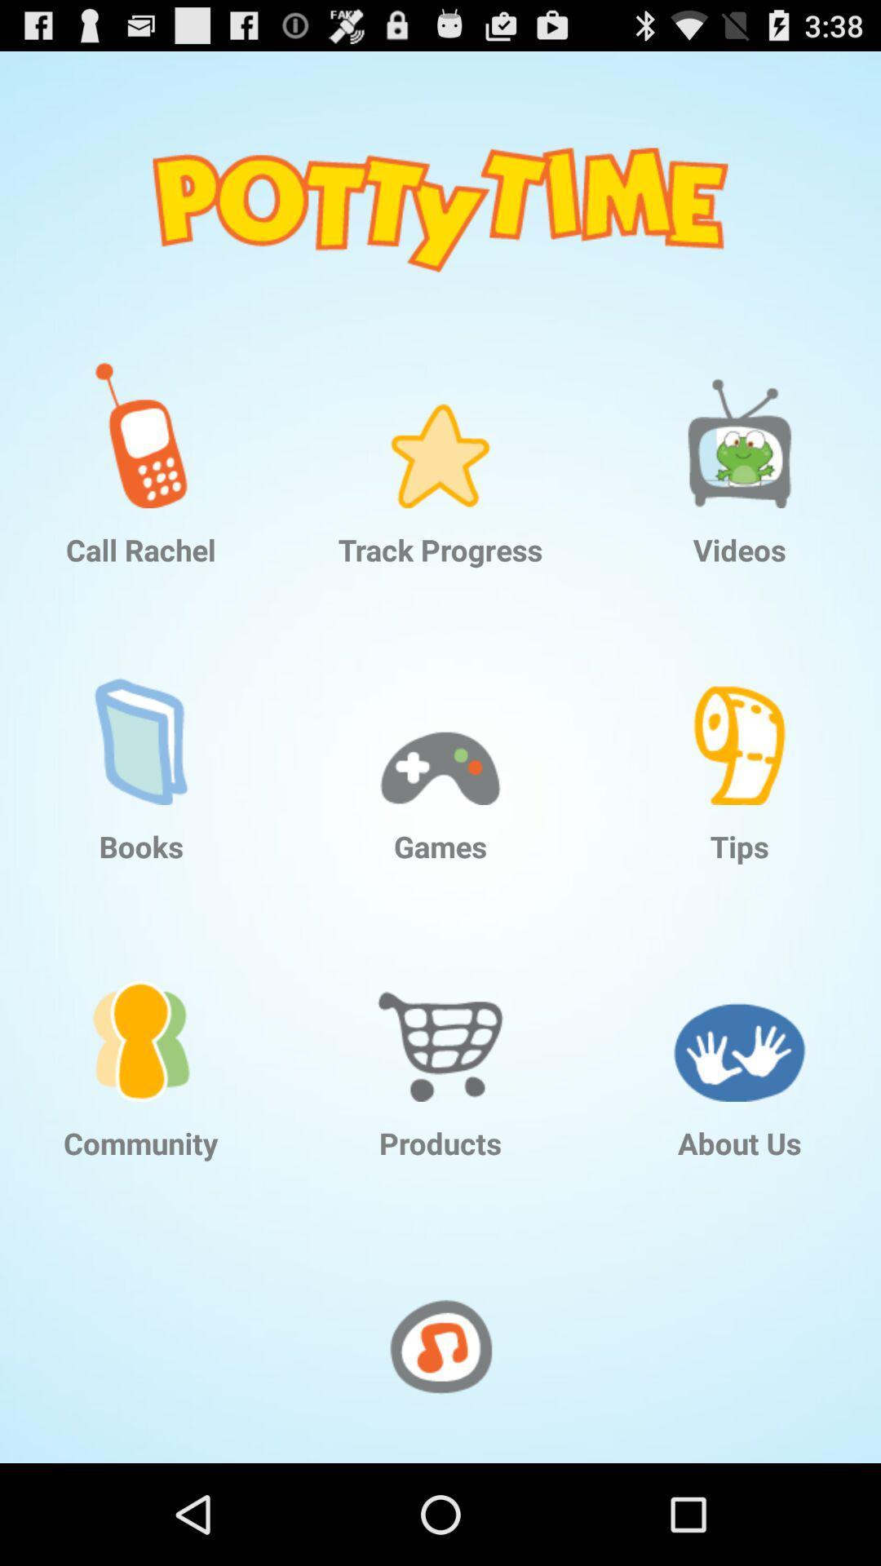 This screenshot has width=881, height=1566. What do you see at coordinates (739, 1015) in the screenshot?
I see `the item above the about us` at bounding box center [739, 1015].